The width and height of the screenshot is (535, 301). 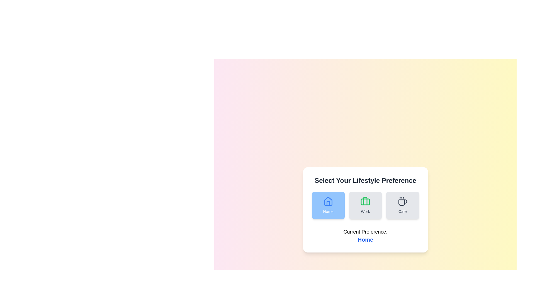 I want to click on the text label displaying 'Current Preference:', which is centrally located in the lower section of the dialog box, positioned above the 'Home' text element, so click(x=365, y=232).